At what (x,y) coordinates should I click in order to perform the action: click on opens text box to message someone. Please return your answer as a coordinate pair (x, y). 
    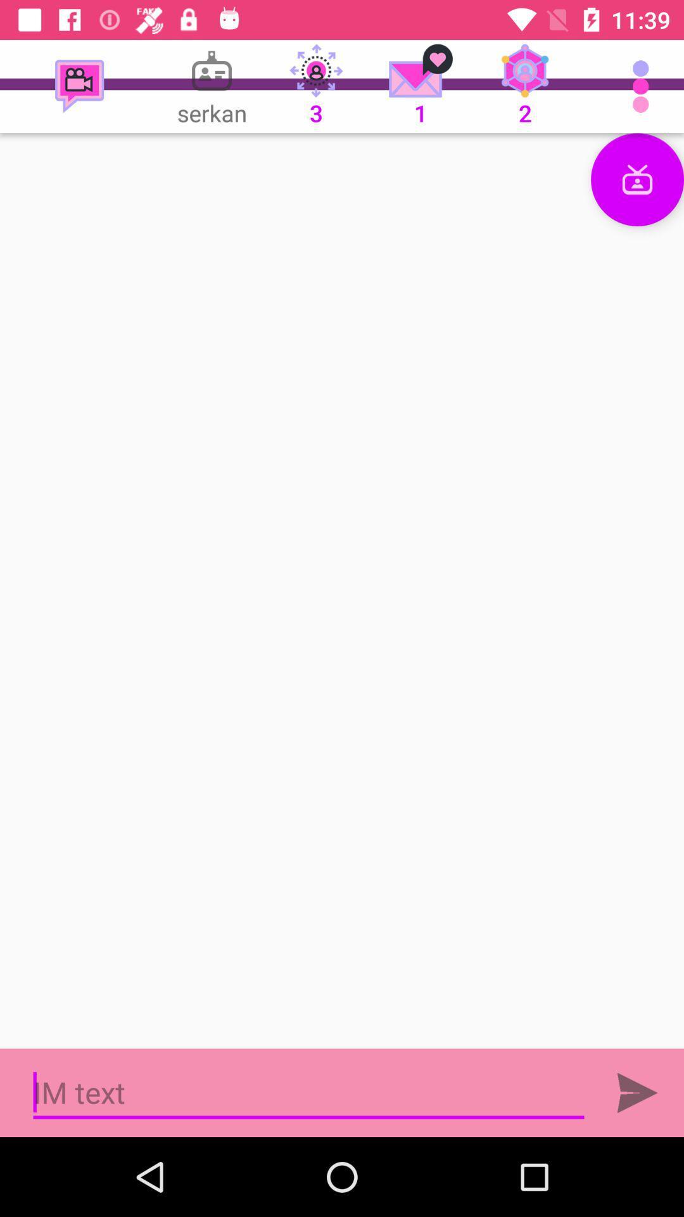
    Looking at the image, I should click on (308, 1092).